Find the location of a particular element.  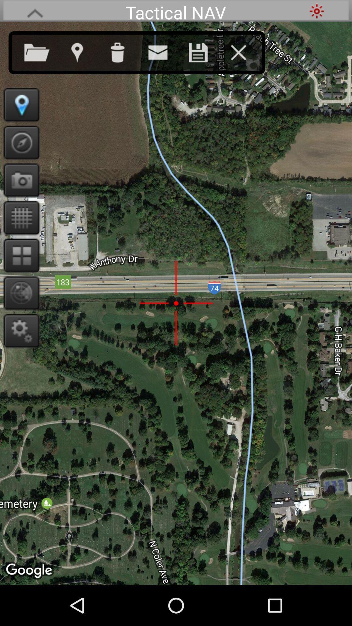

the item below the tactical nav app is located at coordinates (204, 51).